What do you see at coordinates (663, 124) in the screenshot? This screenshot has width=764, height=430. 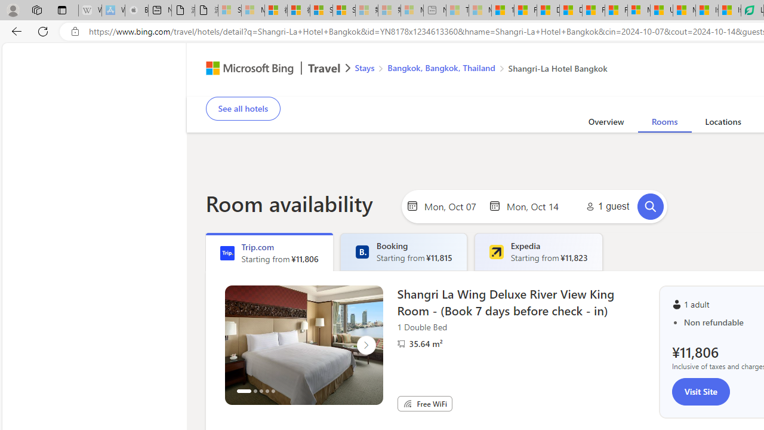 I see `'Rooms'` at bounding box center [663, 124].